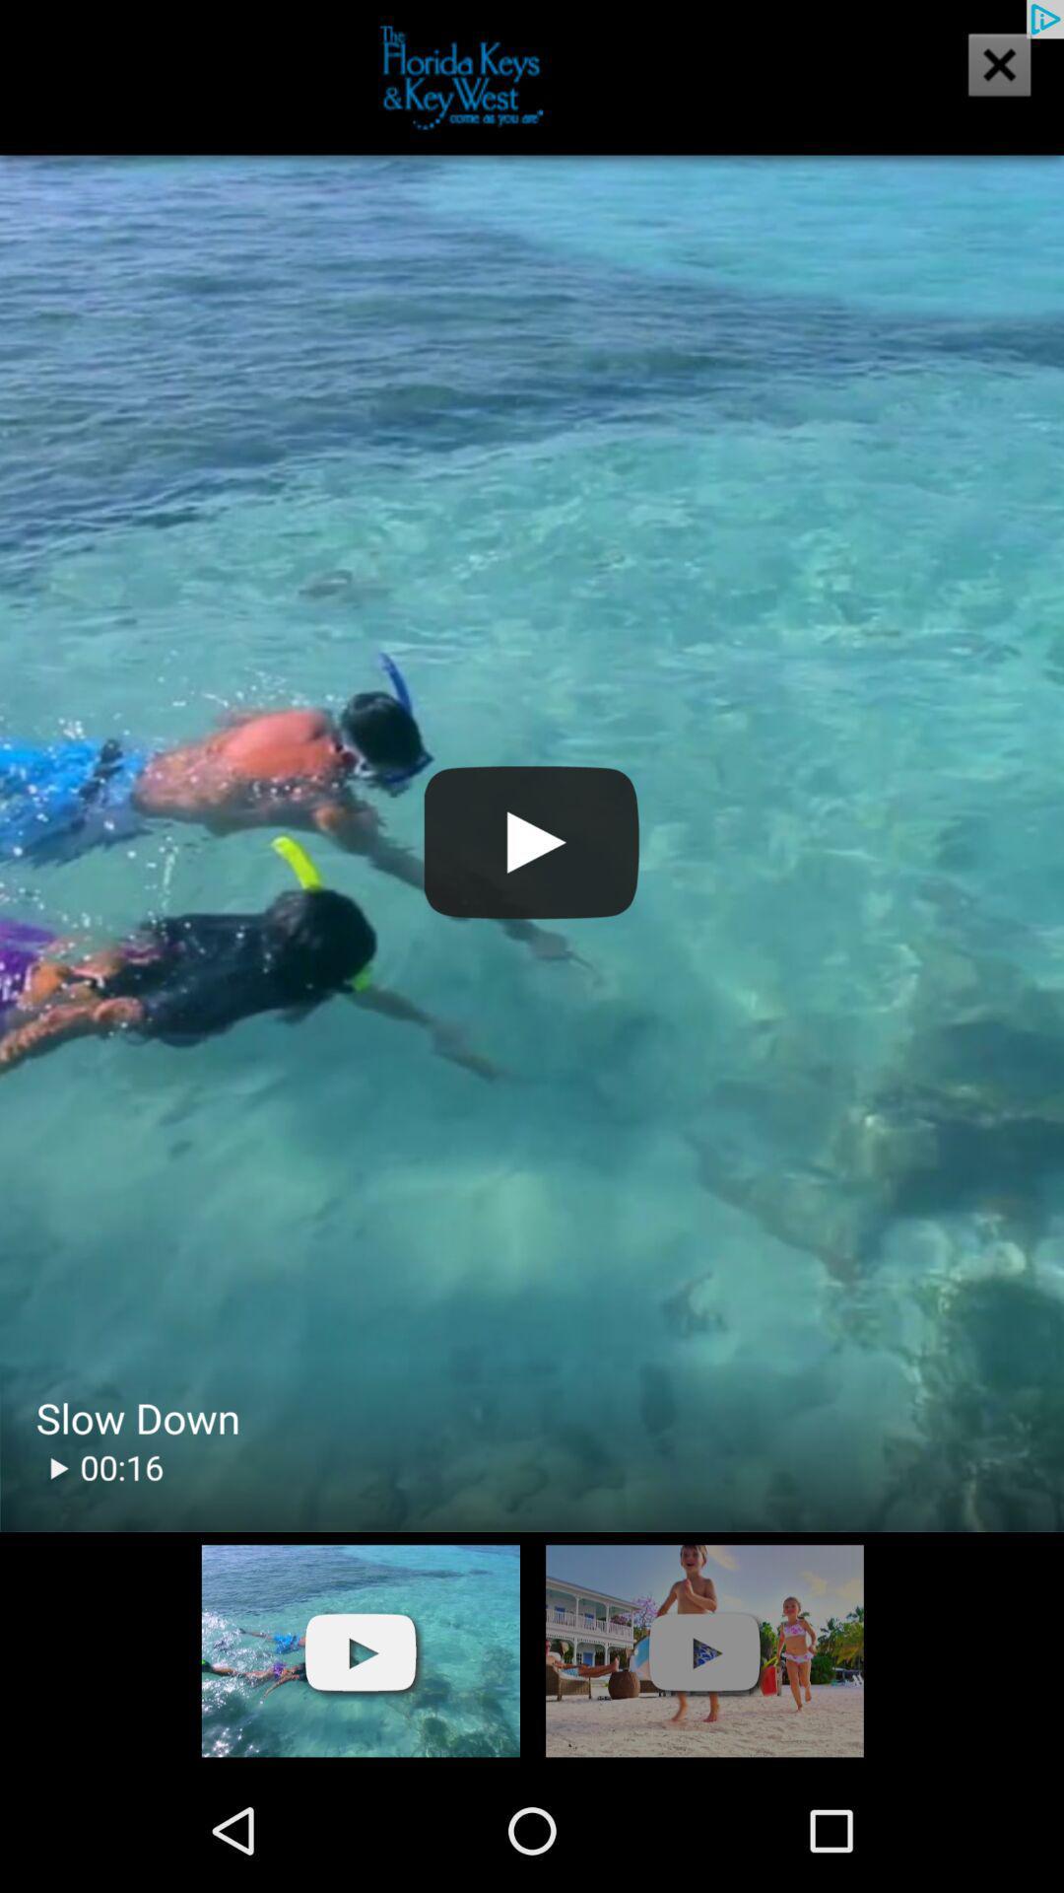  I want to click on the close icon, so click(999, 69).